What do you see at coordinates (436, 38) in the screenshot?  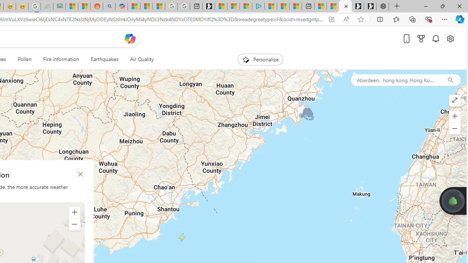 I see `'Notifications'` at bounding box center [436, 38].